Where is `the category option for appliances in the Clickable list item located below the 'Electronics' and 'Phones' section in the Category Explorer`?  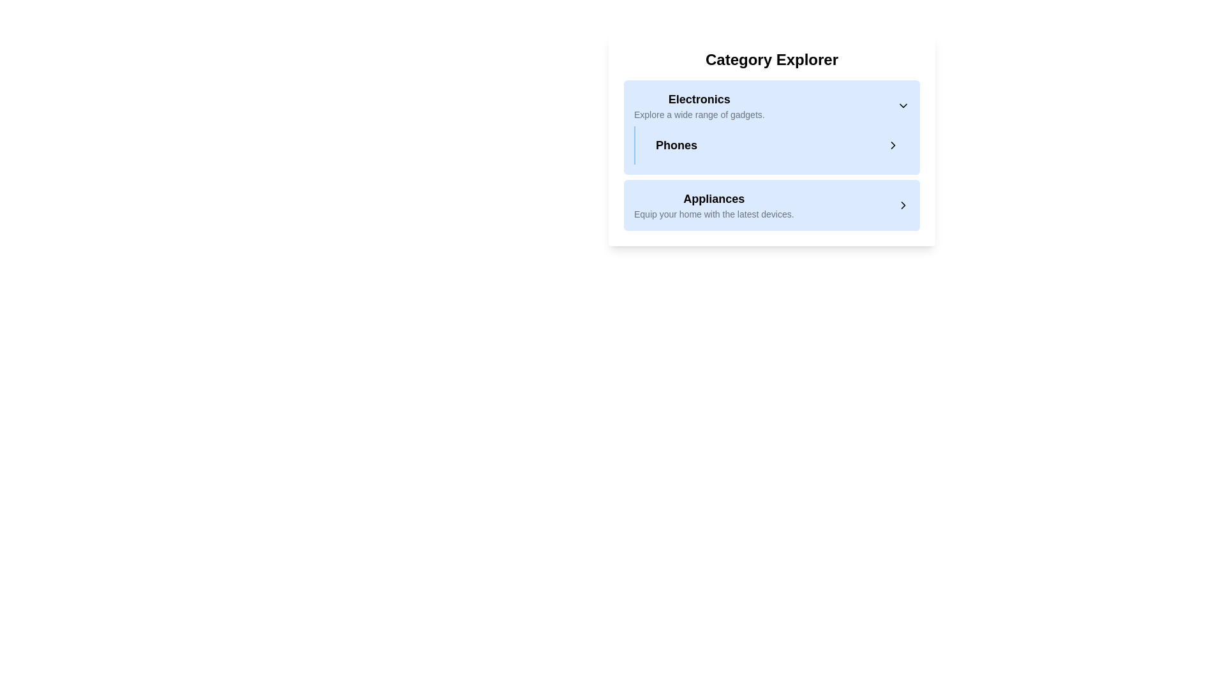 the category option for appliances in the Clickable list item located below the 'Electronics' and 'Phones' section in the Category Explorer is located at coordinates (771, 204).